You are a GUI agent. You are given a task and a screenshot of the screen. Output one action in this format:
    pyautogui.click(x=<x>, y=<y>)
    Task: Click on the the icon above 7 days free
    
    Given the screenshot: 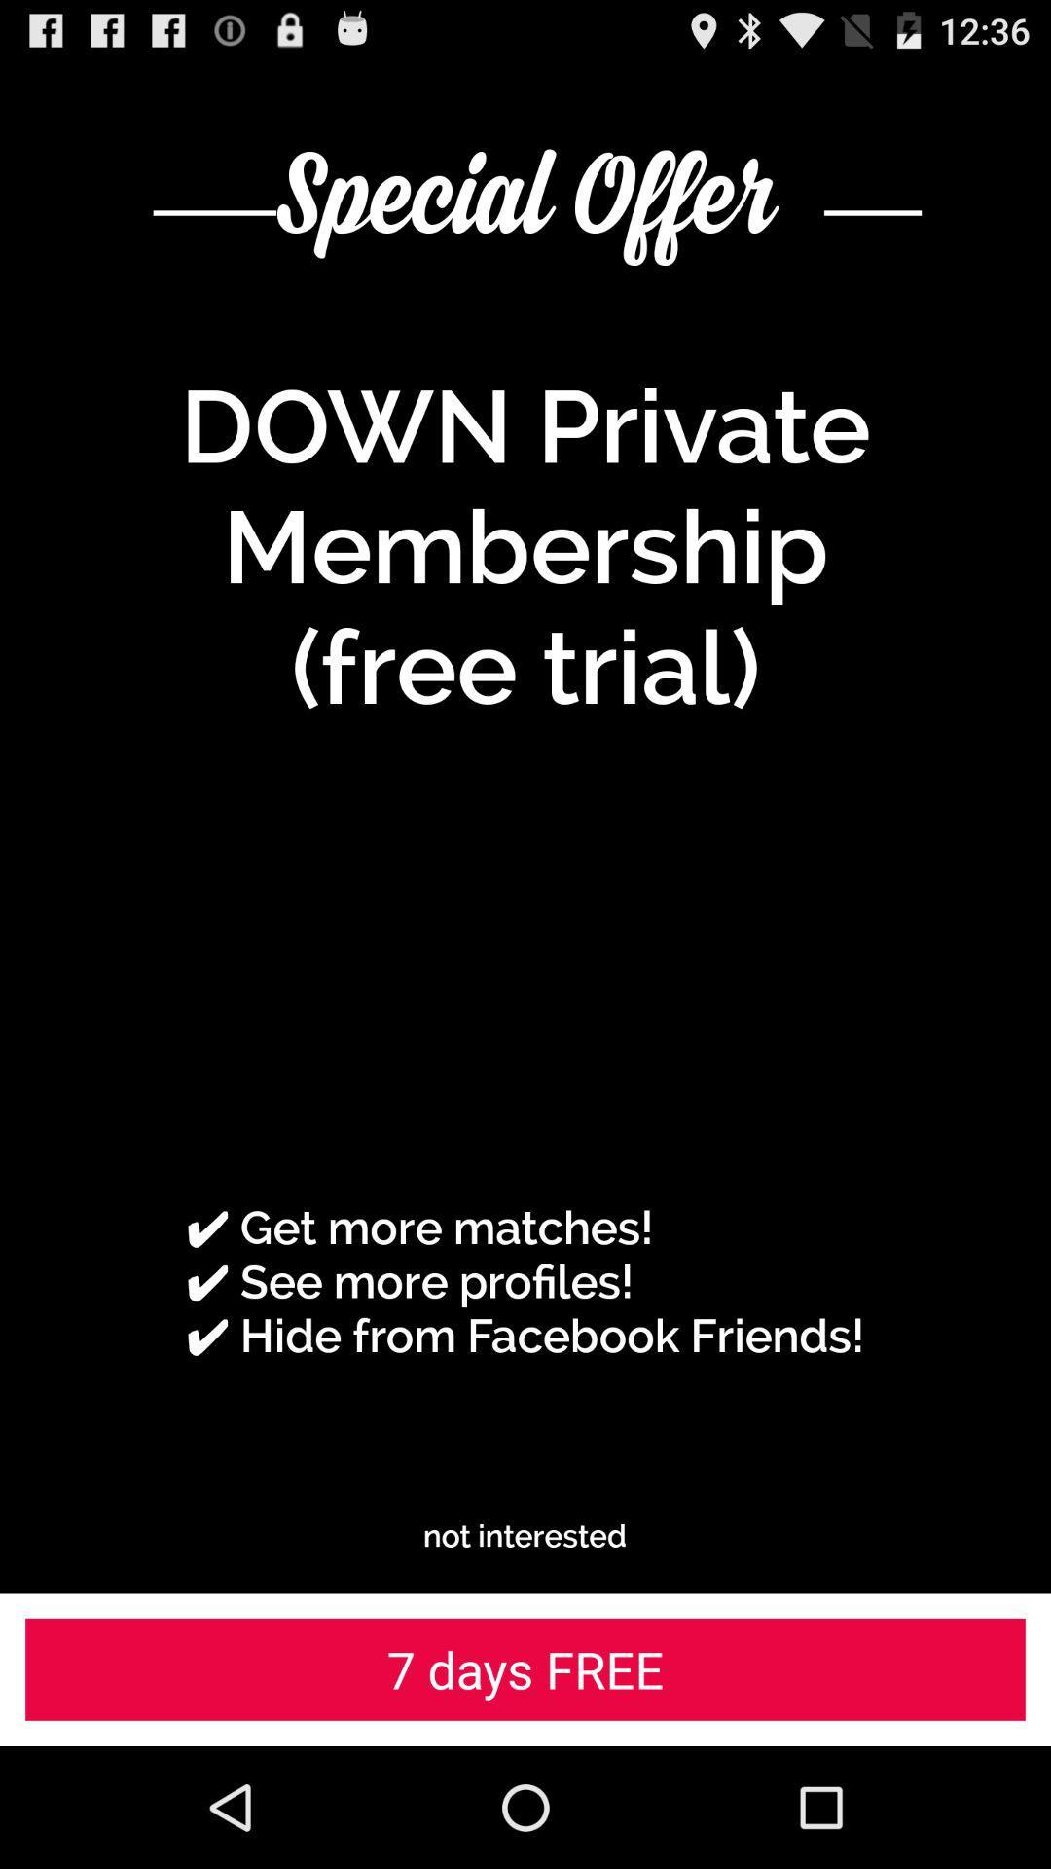 What is the action you would take?
    pyautogui.click(x=524, y=1535)
    